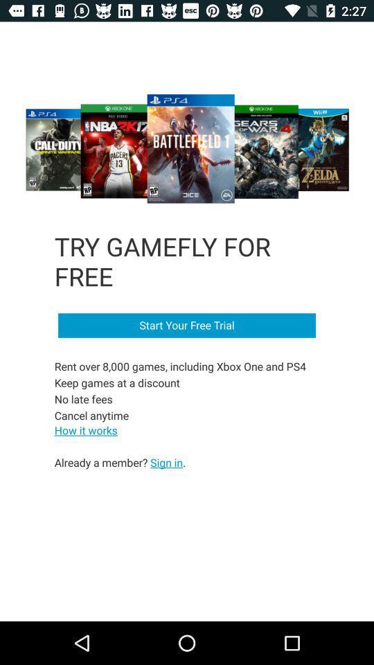 Image resolution: width=374 pixels, height=665 pixels. Describe the element at coordinates (181, 391) in the screenshot. I see `item above the how it works` at that location.